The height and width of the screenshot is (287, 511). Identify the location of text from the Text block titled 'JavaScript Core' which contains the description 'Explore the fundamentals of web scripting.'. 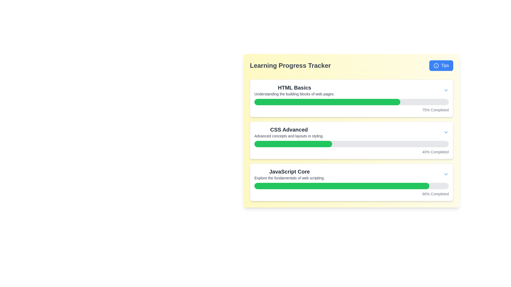
(289, 174).